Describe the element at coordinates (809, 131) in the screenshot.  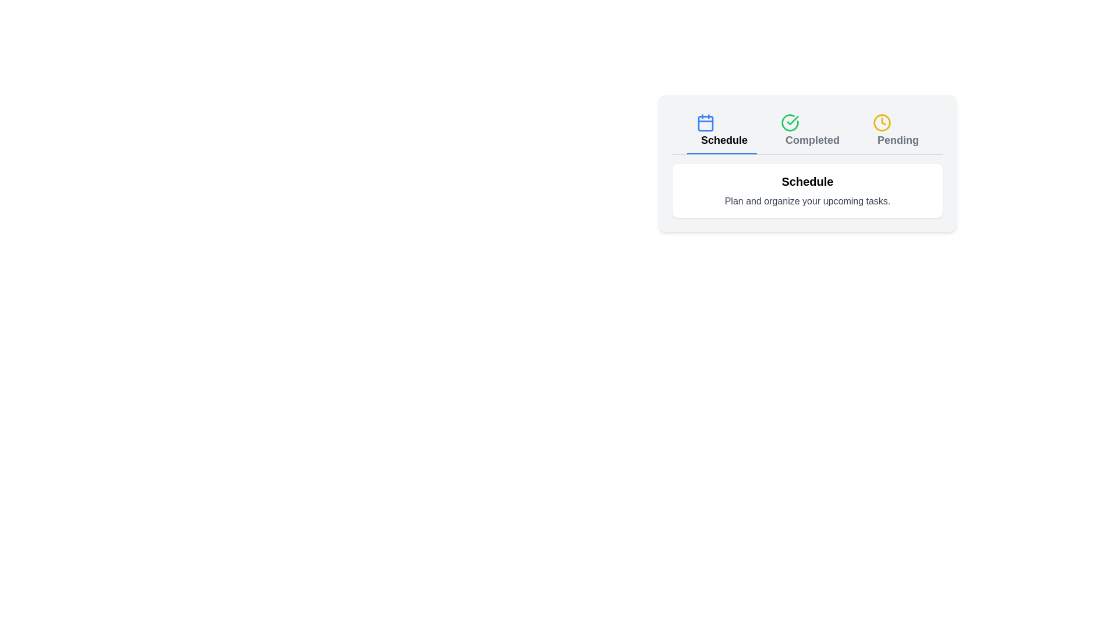
I see `the tab button corresponding to Completed` at that location.